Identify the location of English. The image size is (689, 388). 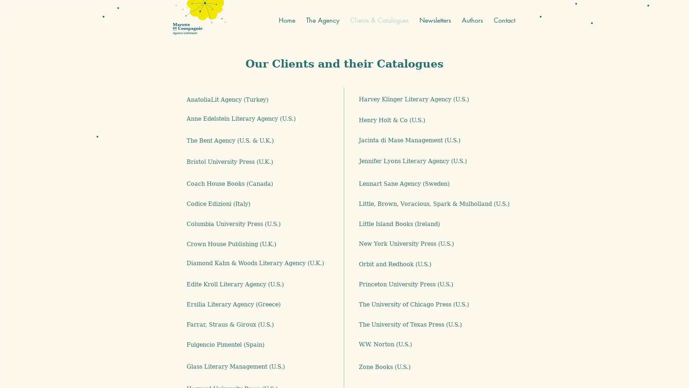
(256, 20).